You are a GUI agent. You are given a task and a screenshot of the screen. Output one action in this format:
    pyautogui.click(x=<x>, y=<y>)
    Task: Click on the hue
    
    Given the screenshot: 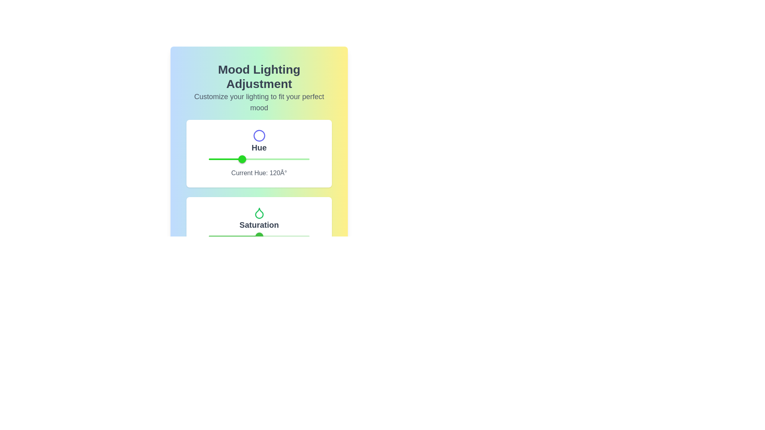 What is the action you would take?
    pyautogui.click(x=245, y=159)
    